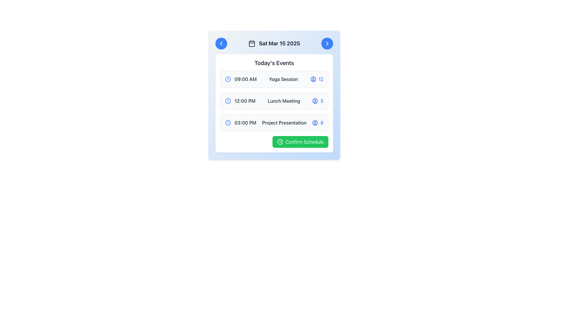 The width and height of the screenshot is (565, 318). Describe the element at coordinates (221, 43) in the screenshot. I see `the blue circular button SVG icon located at the top-left corner of the header section` at that location.